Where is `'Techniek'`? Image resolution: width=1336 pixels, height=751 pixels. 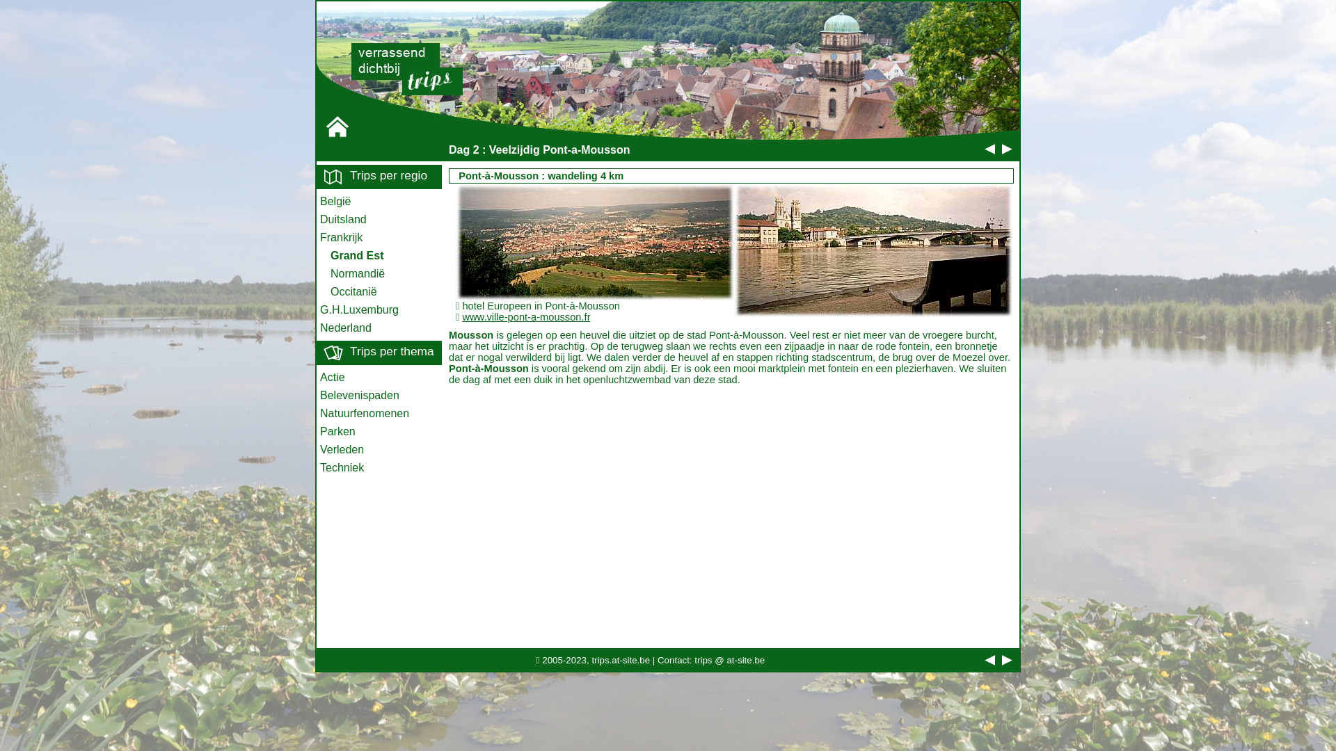 'Techniek' is located at coordinates (379, 467).